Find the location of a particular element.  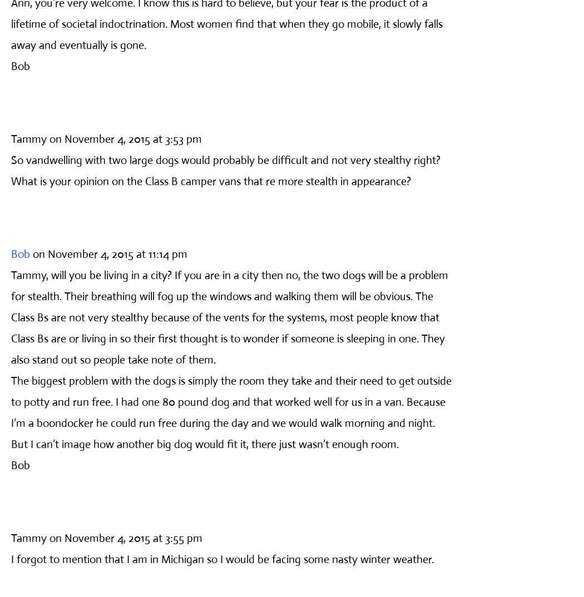

'The biggest problem with the dogs is simply the room they take and their need to get outside to potty and run free.  I had one 80 pound dog and that worked well for us in a van. Because I’m a boondocker he could run free during the day and we would walk morning and night.' is located at coordinates (11, 401).